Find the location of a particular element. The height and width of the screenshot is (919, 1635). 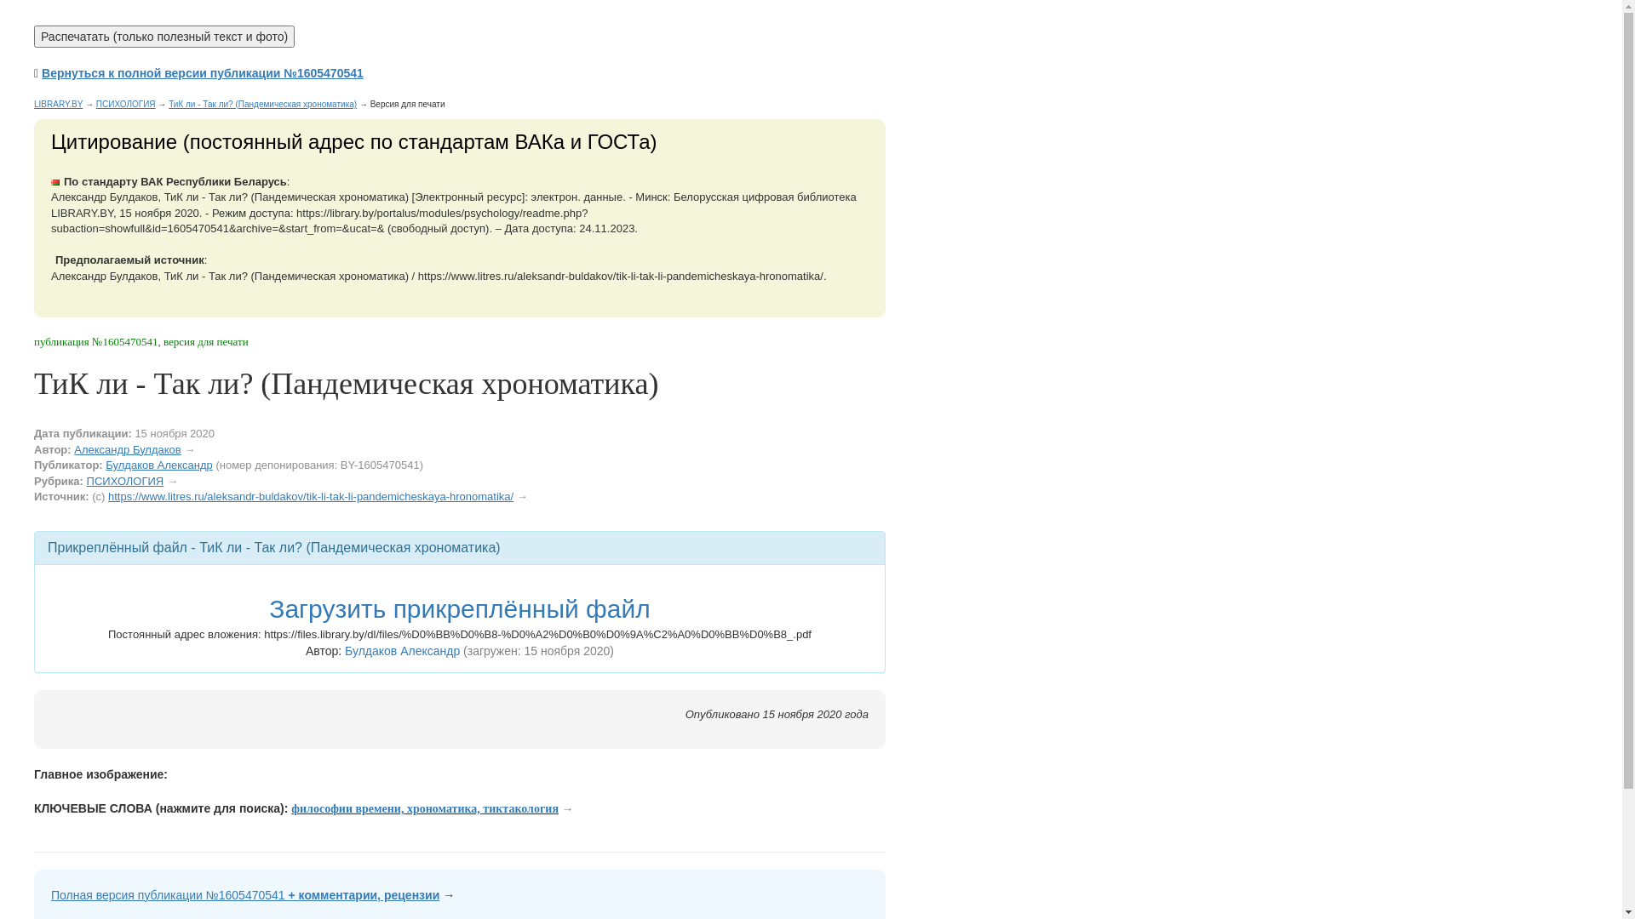

'LIBRARY.BY' is located at coordinates (33, 104).